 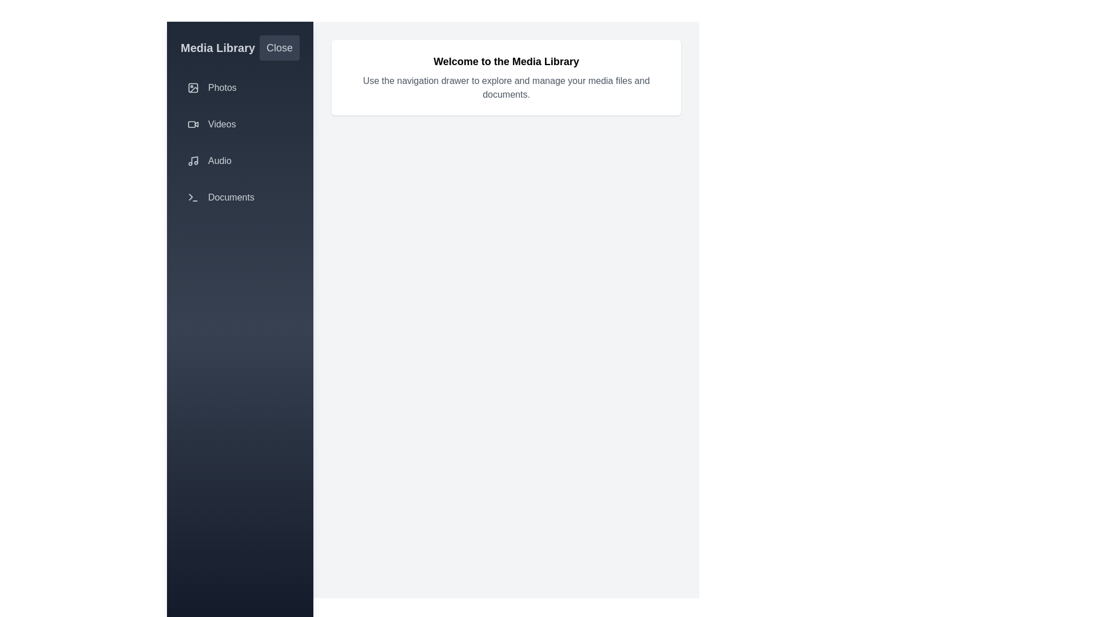 What do you see at coordinates (240, 197) in the screenshot?
I see `the navigation item corresponding to Documents` at bounding box center [240, 197].